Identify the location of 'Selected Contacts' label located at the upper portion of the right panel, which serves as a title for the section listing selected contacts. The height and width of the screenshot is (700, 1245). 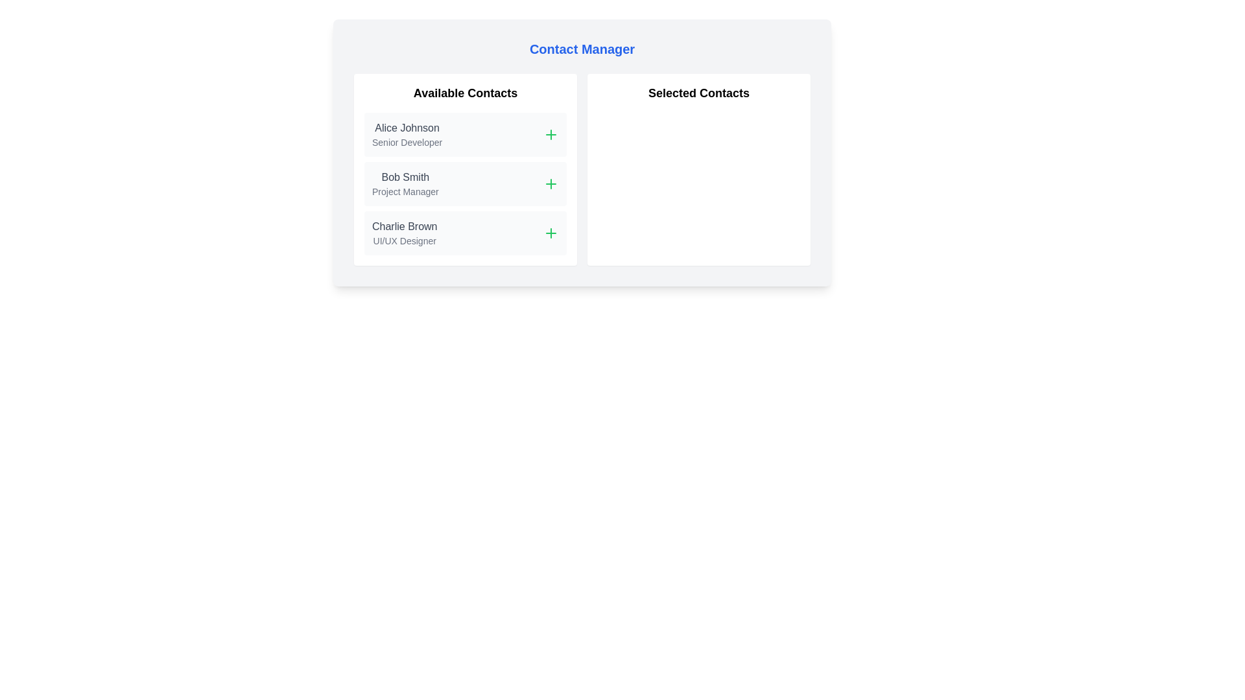
(698, 92).